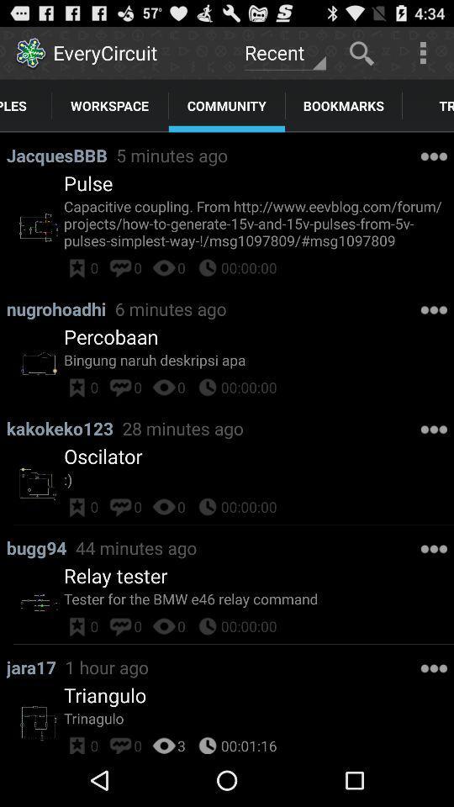  Describe the element at coordinates (61, 155) in the screenshot. I see `jacquesbbb icon` at that location.